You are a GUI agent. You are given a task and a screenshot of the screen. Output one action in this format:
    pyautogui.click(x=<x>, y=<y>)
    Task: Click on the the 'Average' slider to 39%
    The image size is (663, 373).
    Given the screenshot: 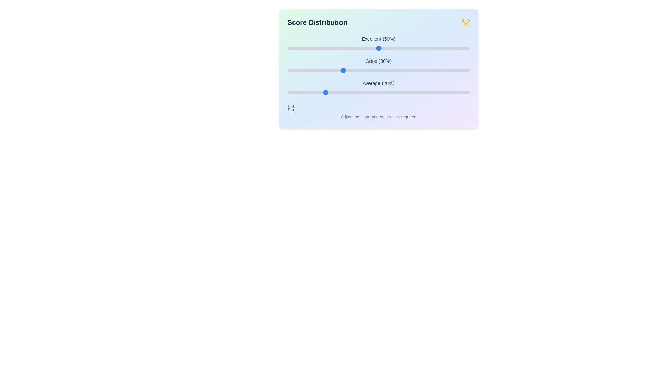 What is the action you would take?
    pyautogui.click(x=358, y=92)
    